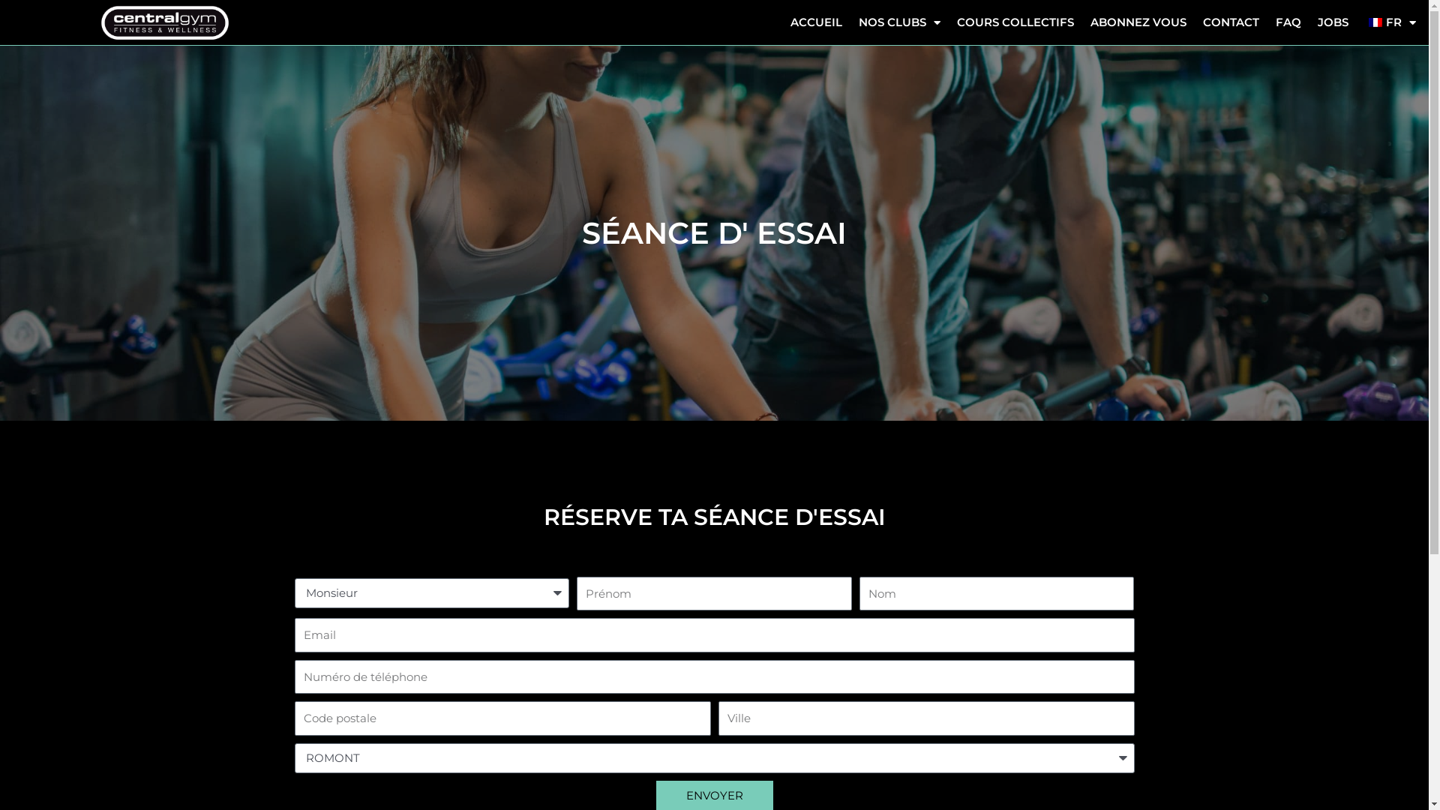 The width and height of the screenshot is (1440, 810). I want to click on 'NOS CLUBS', so click(899, 22).